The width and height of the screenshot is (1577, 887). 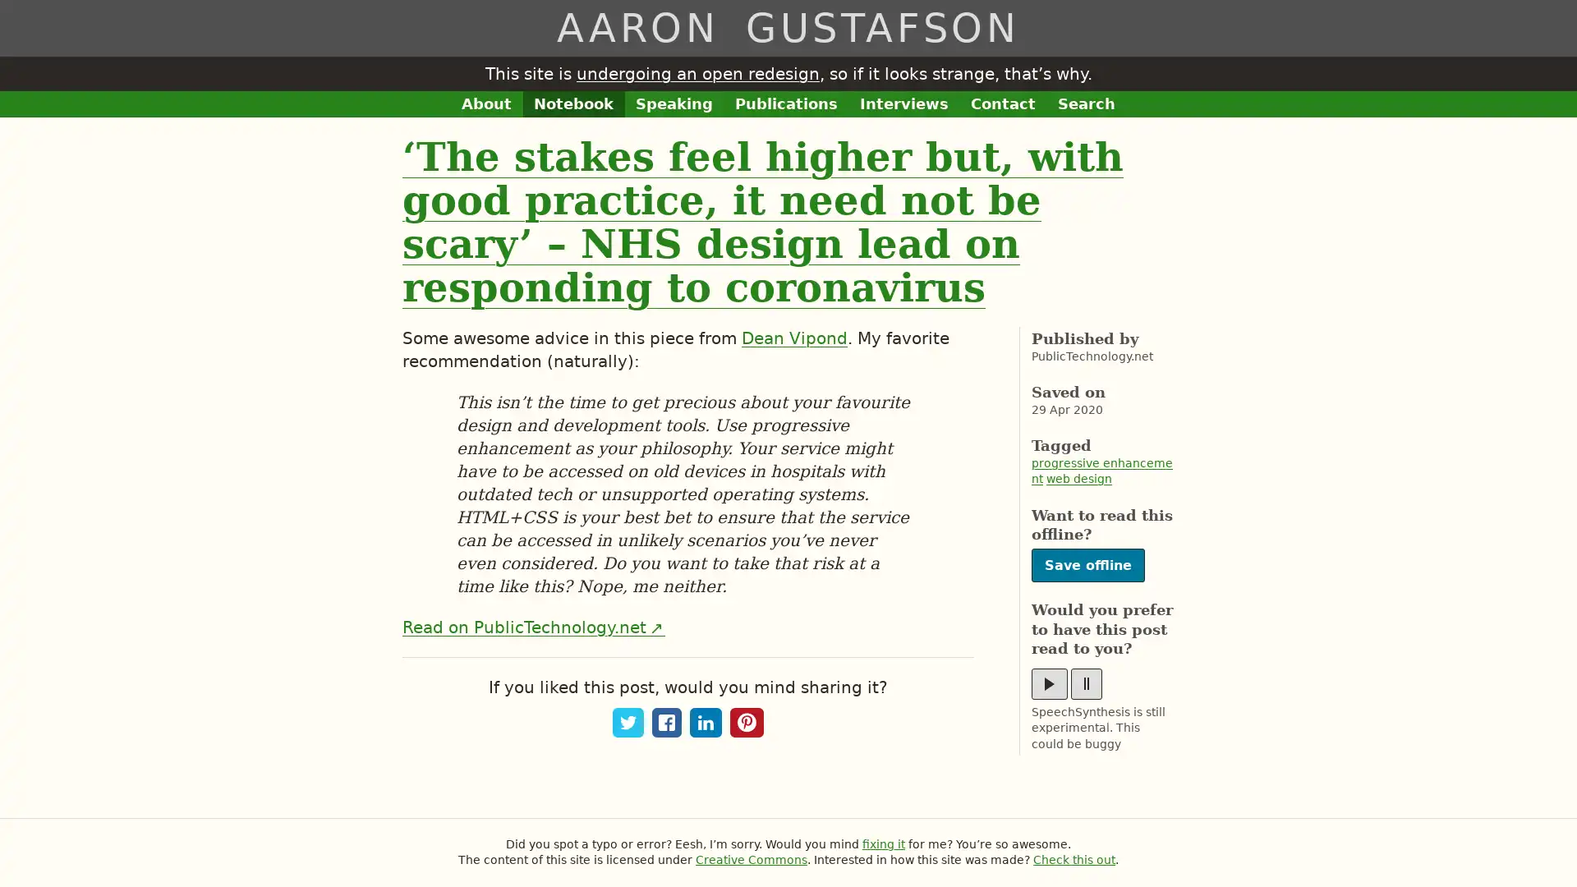 I want to click on Save offline, so click(x=1087, y=564).